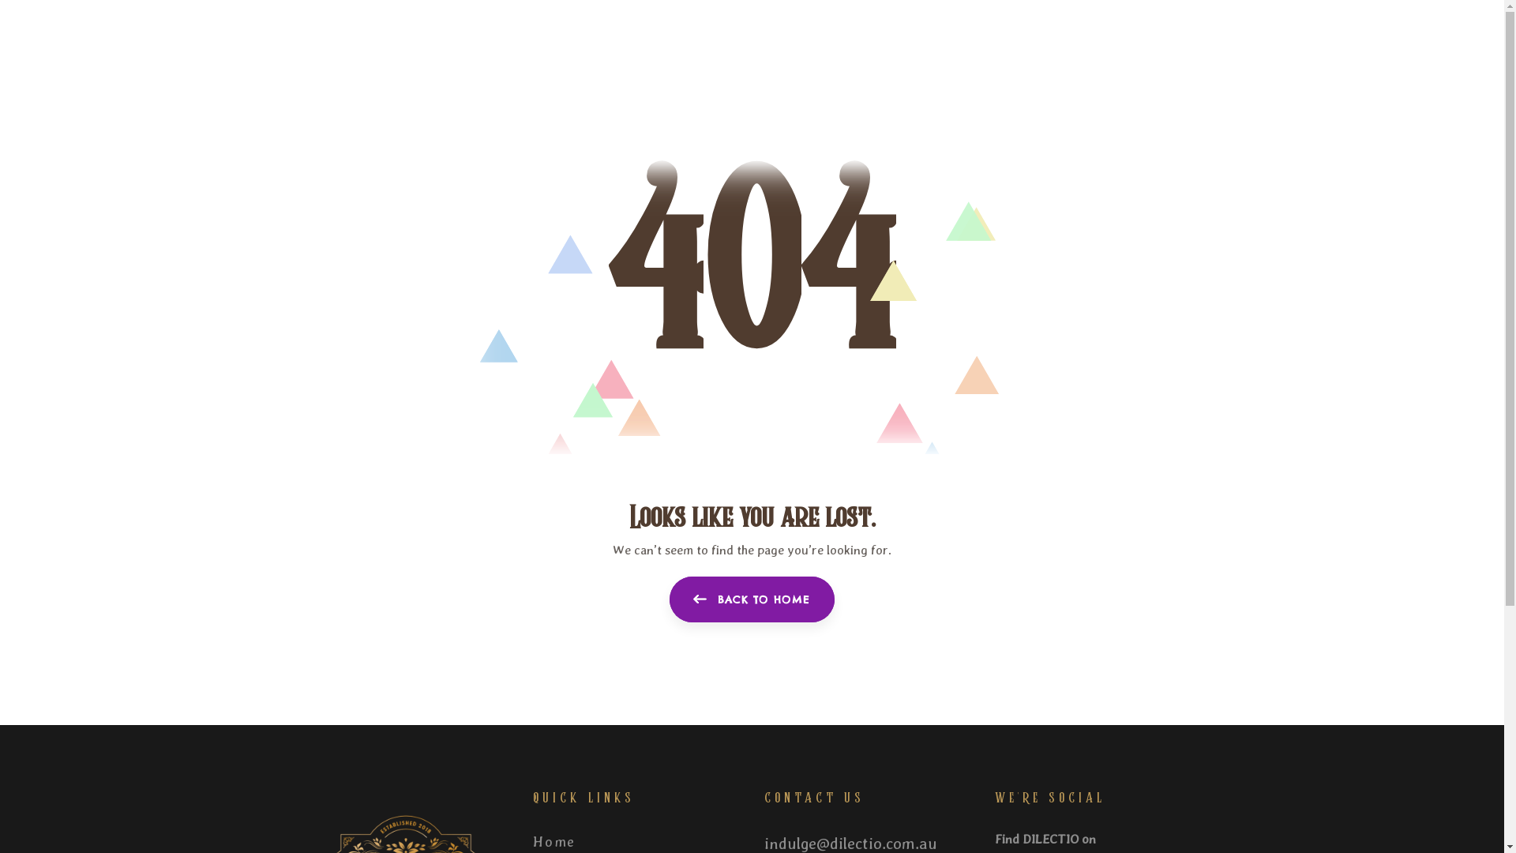 The image size is (1516, 853). I want to click on 'BACK TO HOME', so click(752, 599).